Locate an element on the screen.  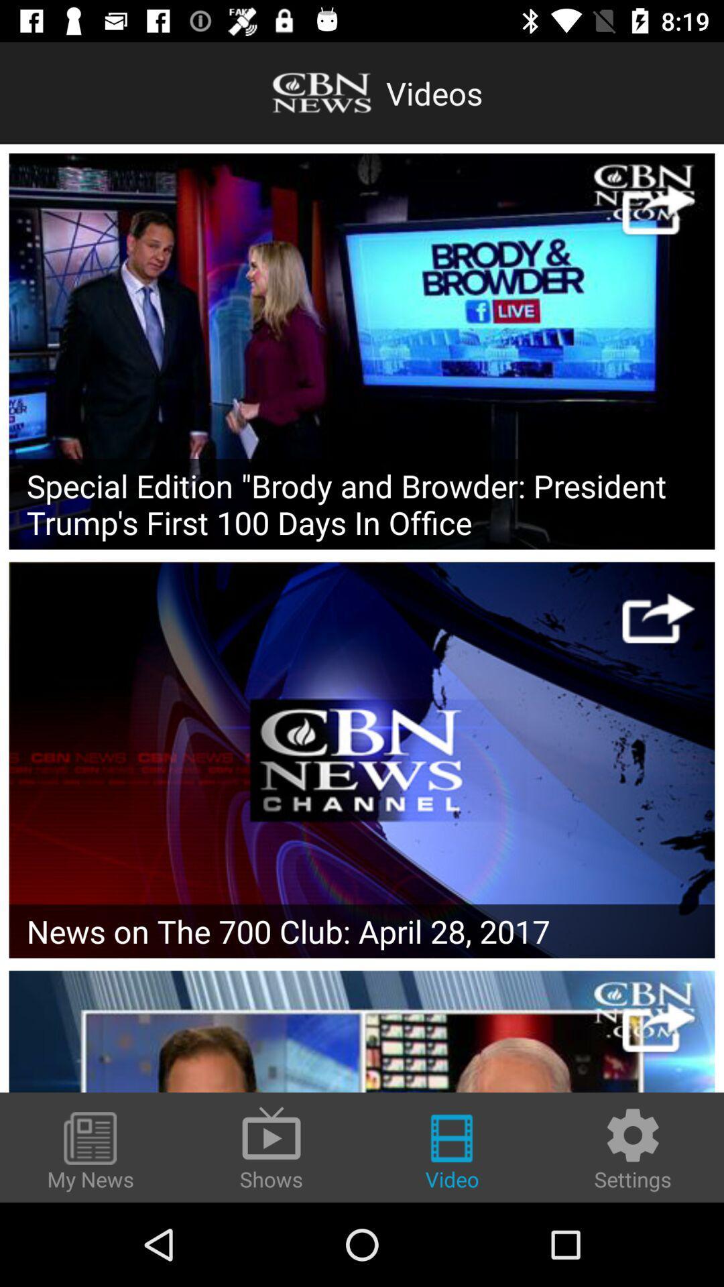
the my news is located at coordinates (90, 1152).